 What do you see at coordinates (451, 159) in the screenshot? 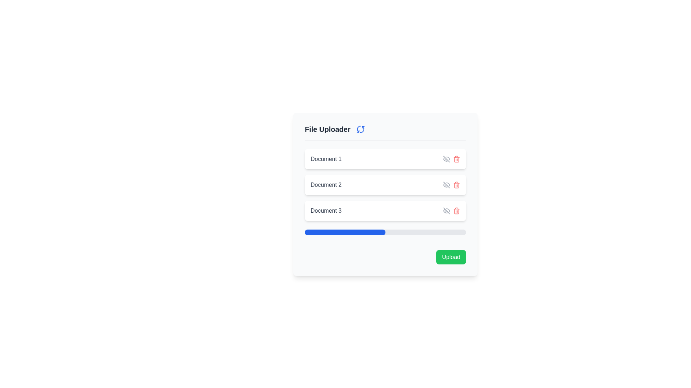
I see `the group of action buttons/icons located at the rightmost part of the horizontal line containing 'Document 1' text` at bounding box center [451, 159].